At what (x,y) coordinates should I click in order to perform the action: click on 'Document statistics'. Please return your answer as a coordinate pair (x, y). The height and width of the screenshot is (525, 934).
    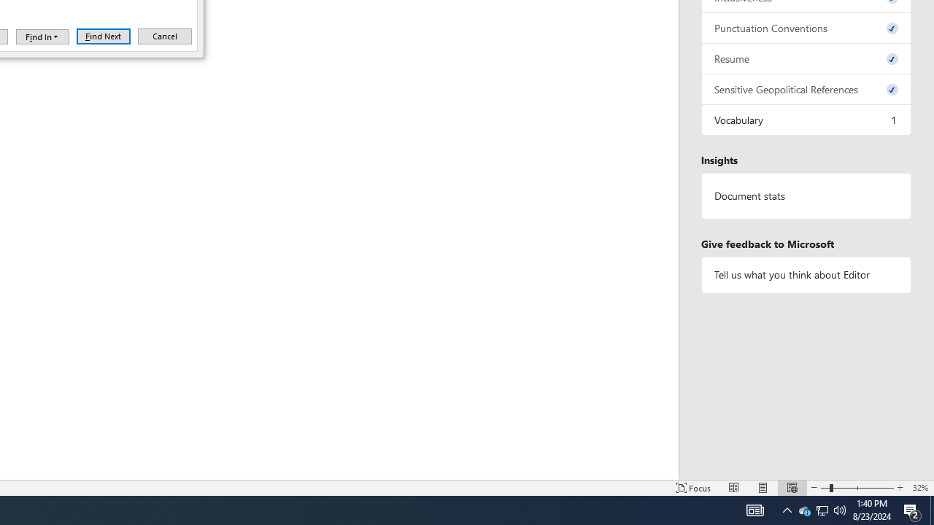
    Looking at the image, I should click on (806, 195).